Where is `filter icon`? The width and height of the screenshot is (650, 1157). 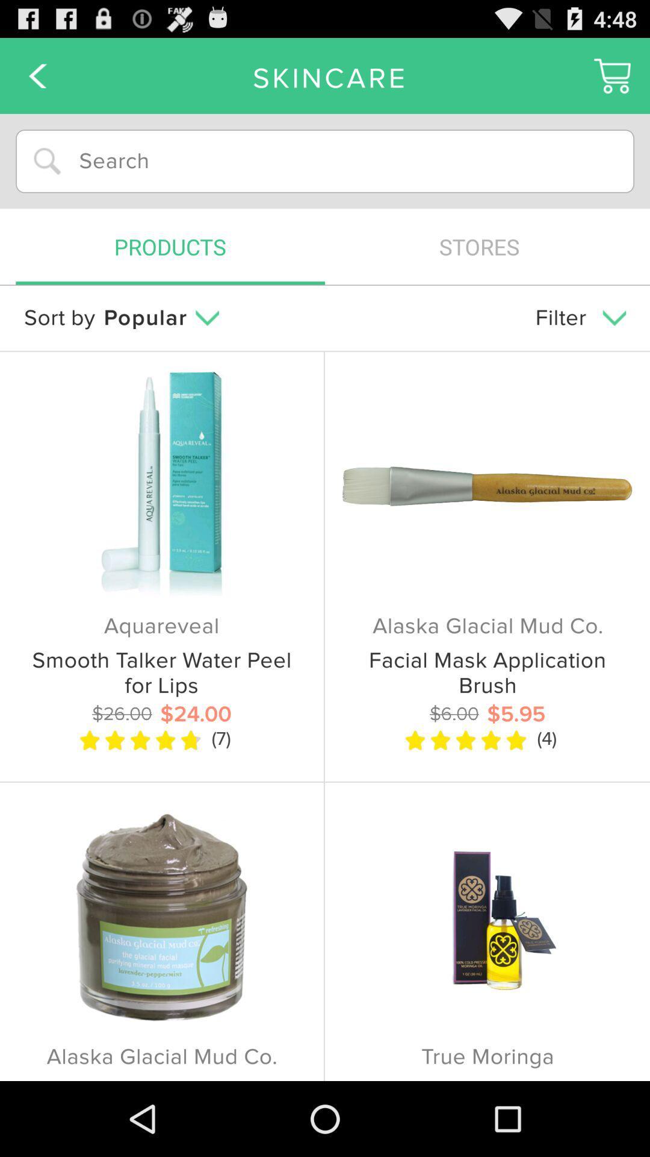
filter icon is located at coordinates (580, 318).